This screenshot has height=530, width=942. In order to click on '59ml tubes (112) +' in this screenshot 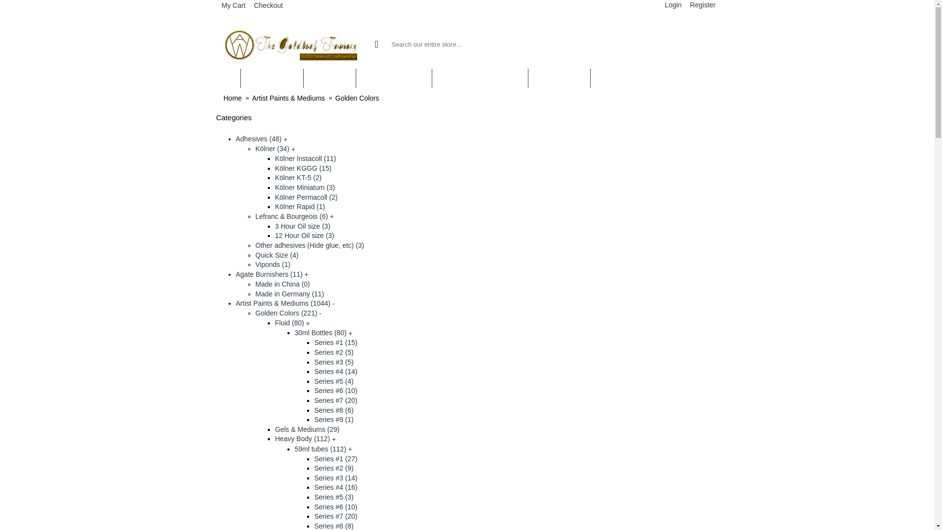, I will do `click(323, 449)`.